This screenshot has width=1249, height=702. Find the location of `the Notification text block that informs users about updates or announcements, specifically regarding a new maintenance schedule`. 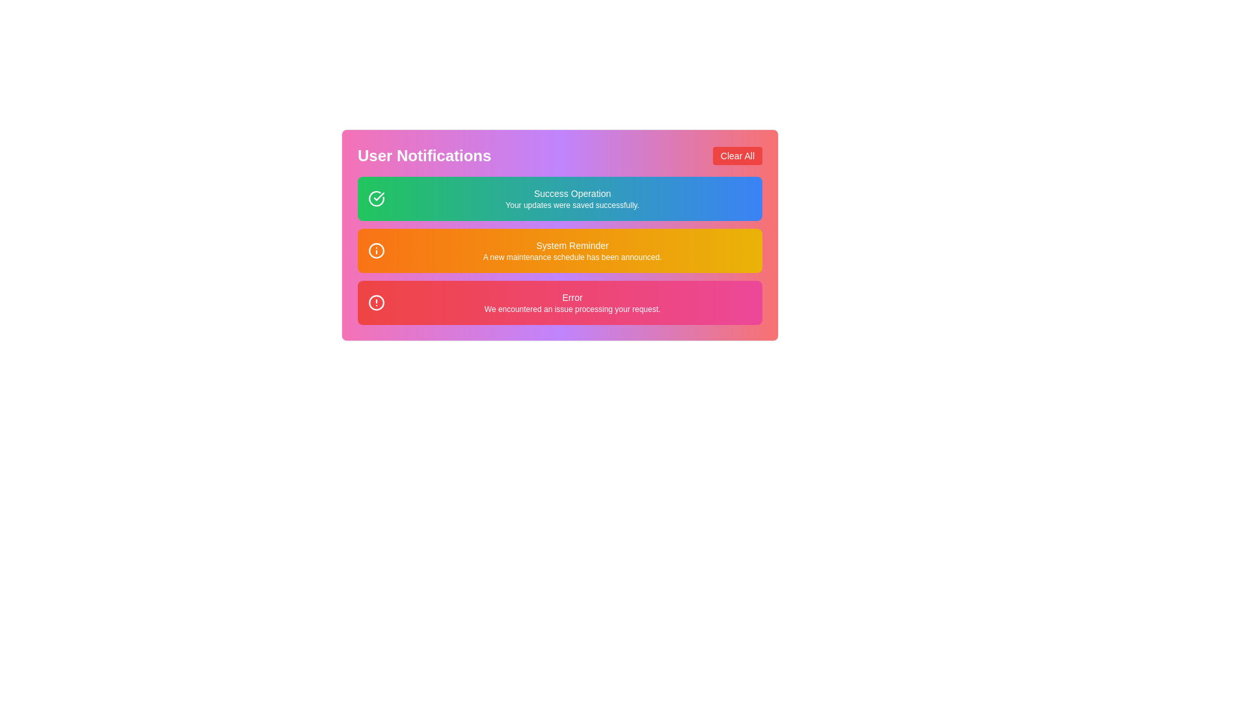

the Notification text block that informs users about updates or announcements, specifically regarding a new maintenance schedule is located at coordinates (572, 250).